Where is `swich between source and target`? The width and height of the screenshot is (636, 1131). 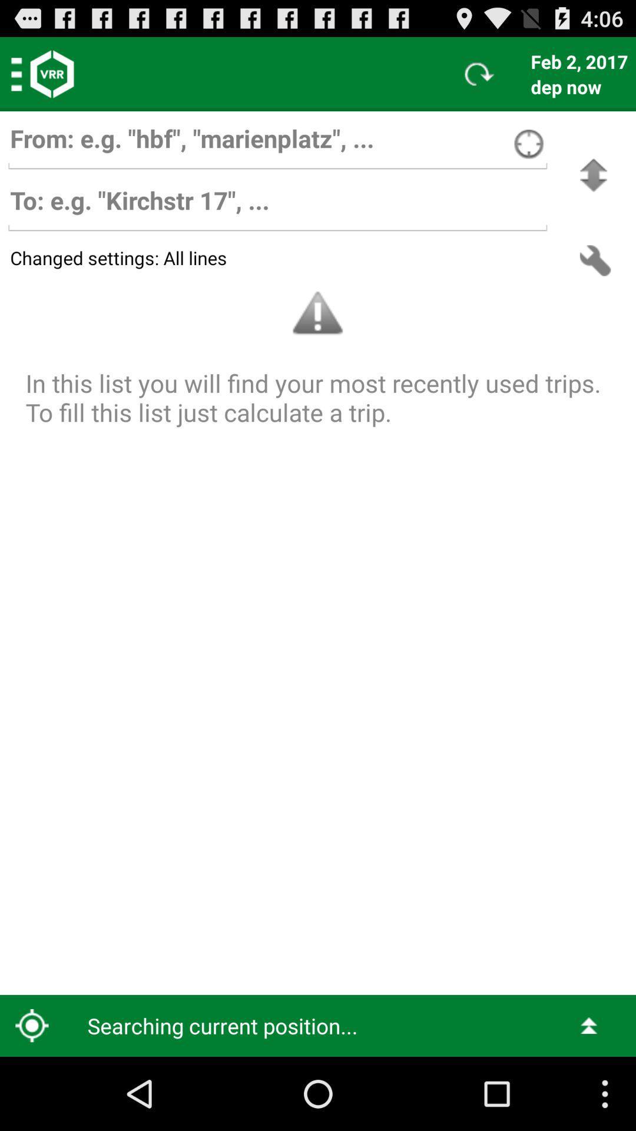
swich between source and target is located at coordinates (593, 174).